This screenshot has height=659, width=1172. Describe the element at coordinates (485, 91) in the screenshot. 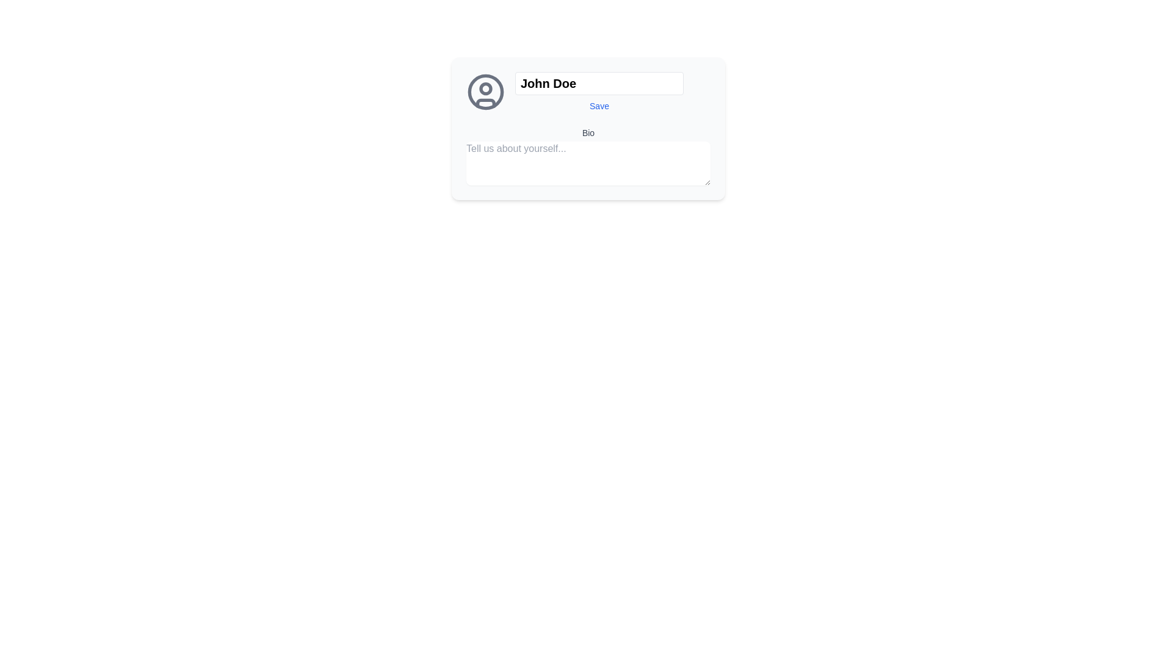

I see `the larger circular border of the user avatar graphic within the SVG illustration` at that location.